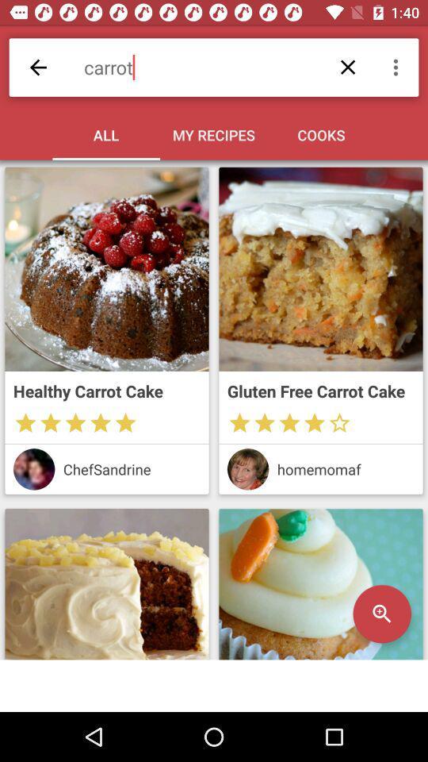  What do you see at coordinates (38, 67) in the screenshot?
I see `item to the left of the carrot icon` at bounding box center [38, 67].